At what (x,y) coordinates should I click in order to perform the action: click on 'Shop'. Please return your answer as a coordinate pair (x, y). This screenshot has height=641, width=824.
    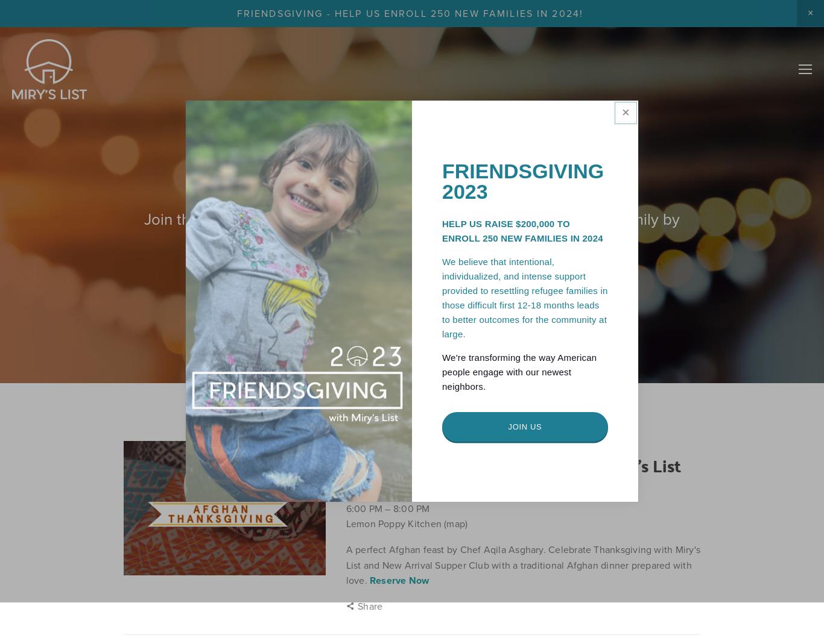
    Looking at the image, I should click on (688, 217).